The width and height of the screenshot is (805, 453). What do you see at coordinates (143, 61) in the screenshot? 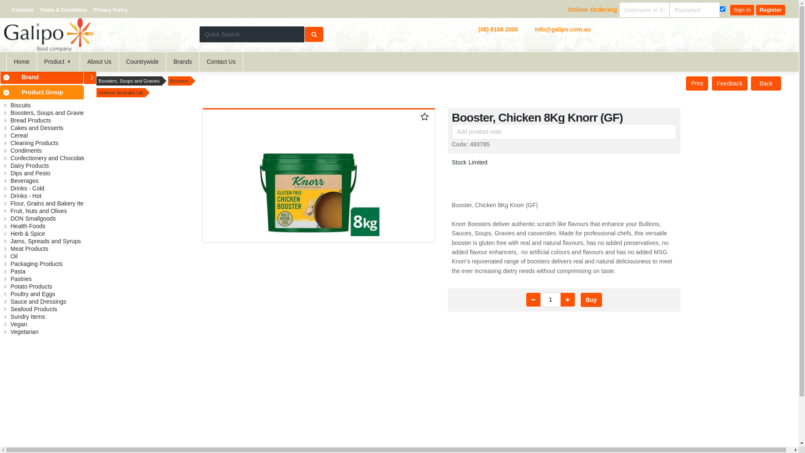
I see `'Countrywide'` at bounding box center [143, 61].